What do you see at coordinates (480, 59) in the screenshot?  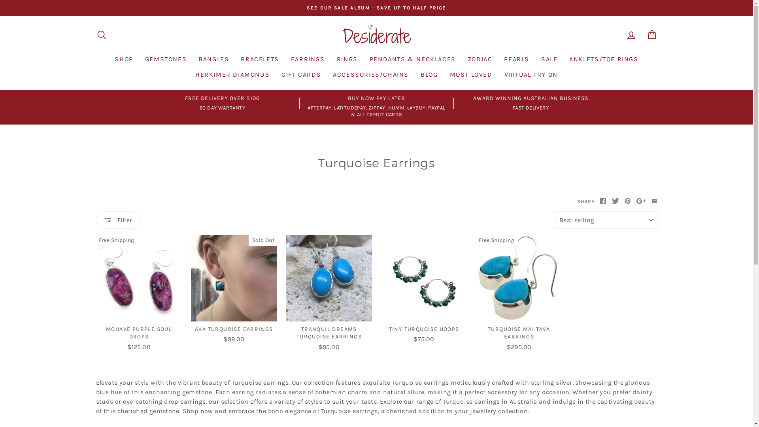 I see `'ZODIAC'` at bounding box center [480, 59].